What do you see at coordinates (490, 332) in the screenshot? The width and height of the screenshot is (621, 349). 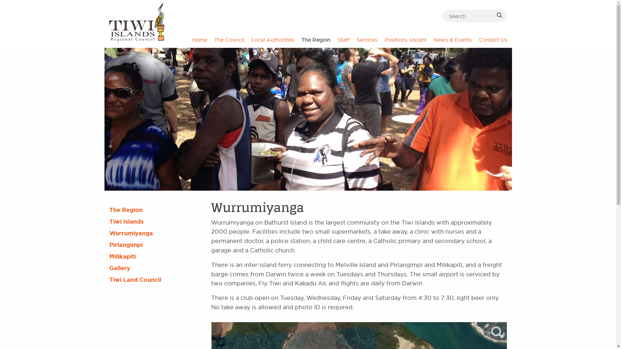 I see `'Magnify'` at bounding box center [490, 332].